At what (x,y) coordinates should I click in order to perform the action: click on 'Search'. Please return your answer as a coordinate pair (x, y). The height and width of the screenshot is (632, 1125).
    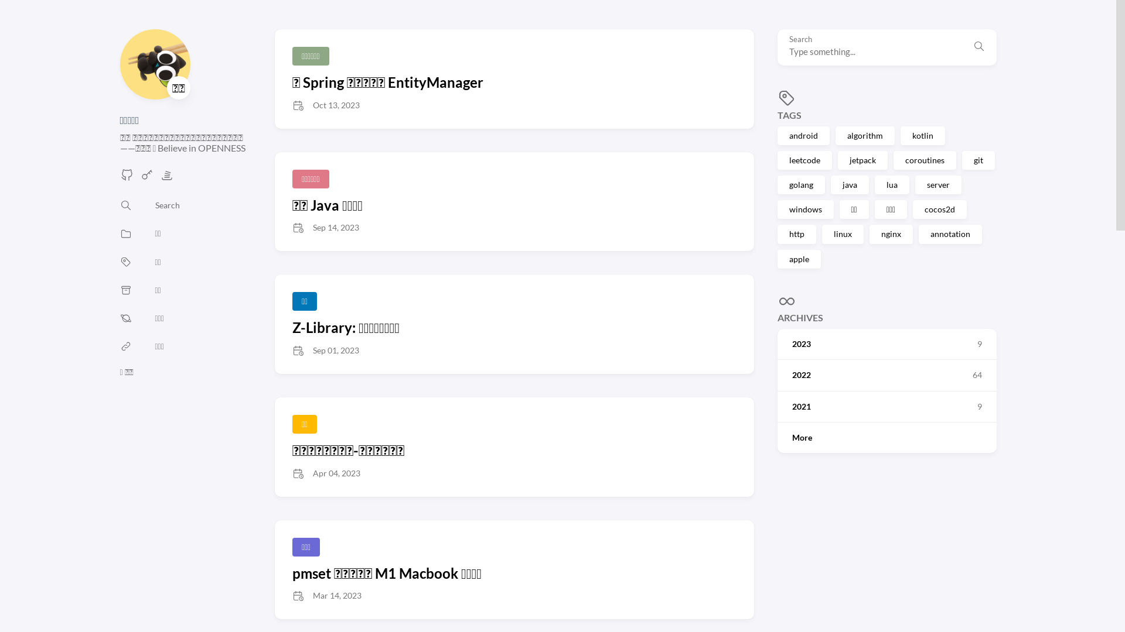
    Looking at the image, I should click on (148, 205).